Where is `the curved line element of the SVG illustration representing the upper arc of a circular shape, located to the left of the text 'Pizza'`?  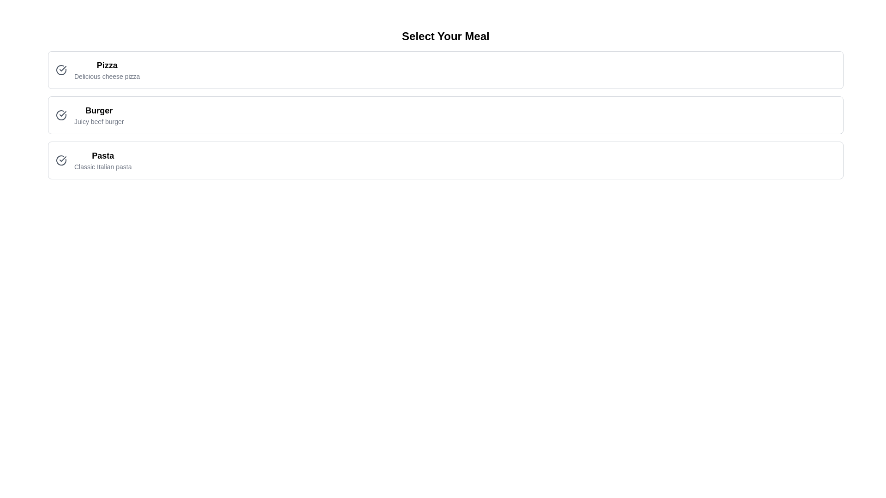
the curved line element of the SVG illustration representing the upper arc of a circular shape, located to the left of the text 'Pizza' is located at coordinates (61, 69).